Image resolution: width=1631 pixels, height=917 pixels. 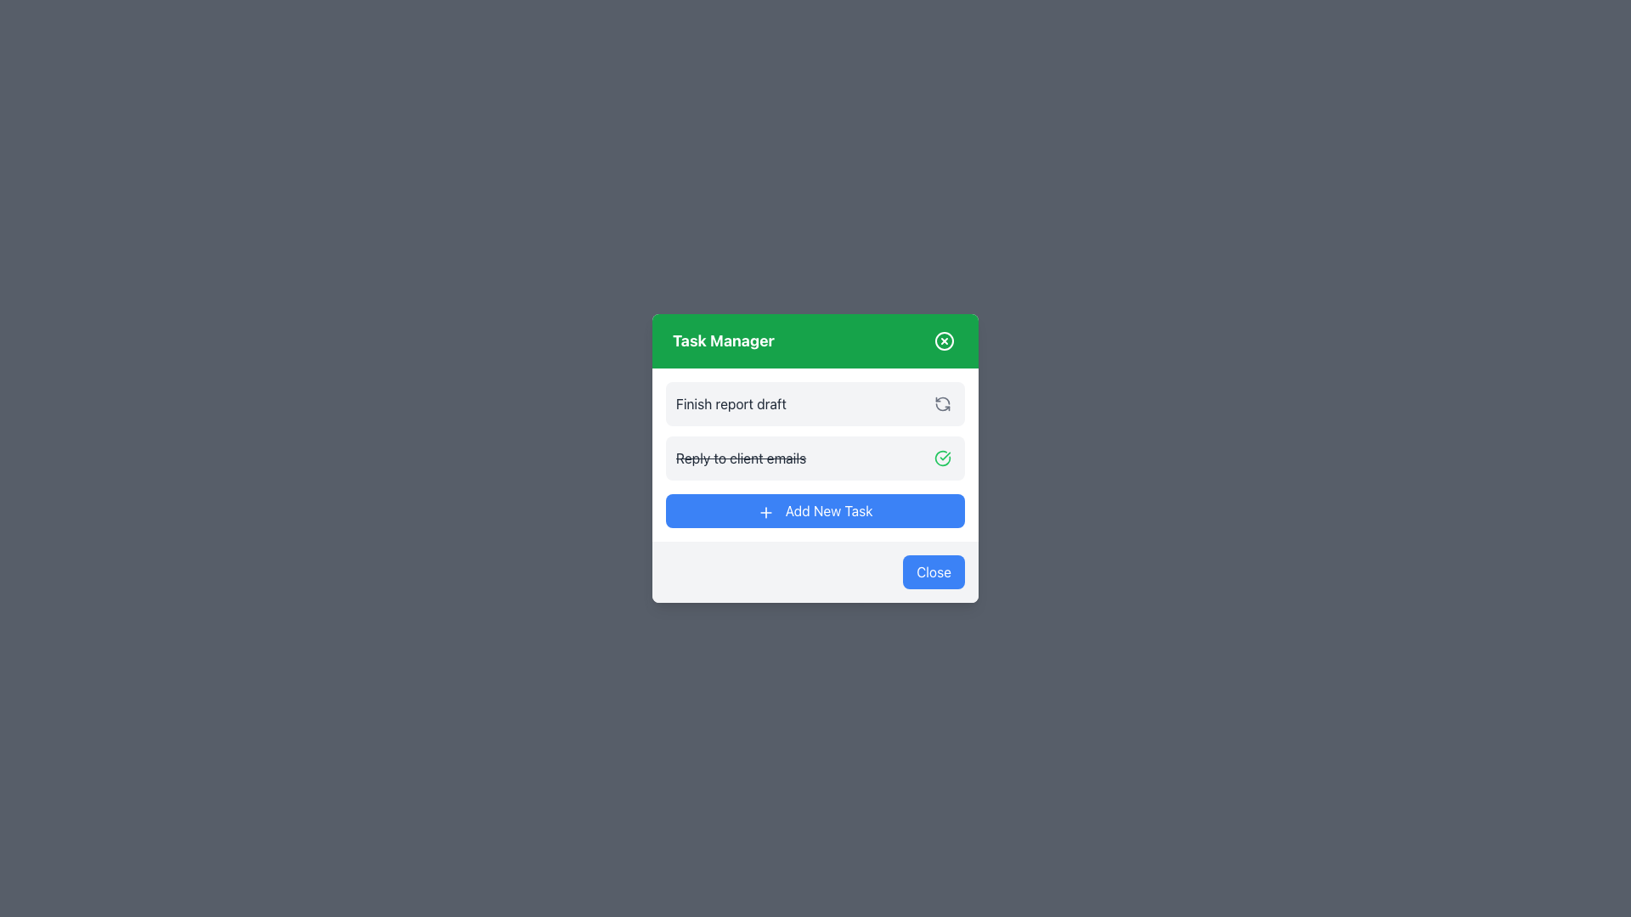 What do you see at coordinates (765, 511) in the screenshot?
I see `the 'Add New Task' button, which features a plus icon and is located in the lower part of the task manager interface` at bounding box center [765, 511].